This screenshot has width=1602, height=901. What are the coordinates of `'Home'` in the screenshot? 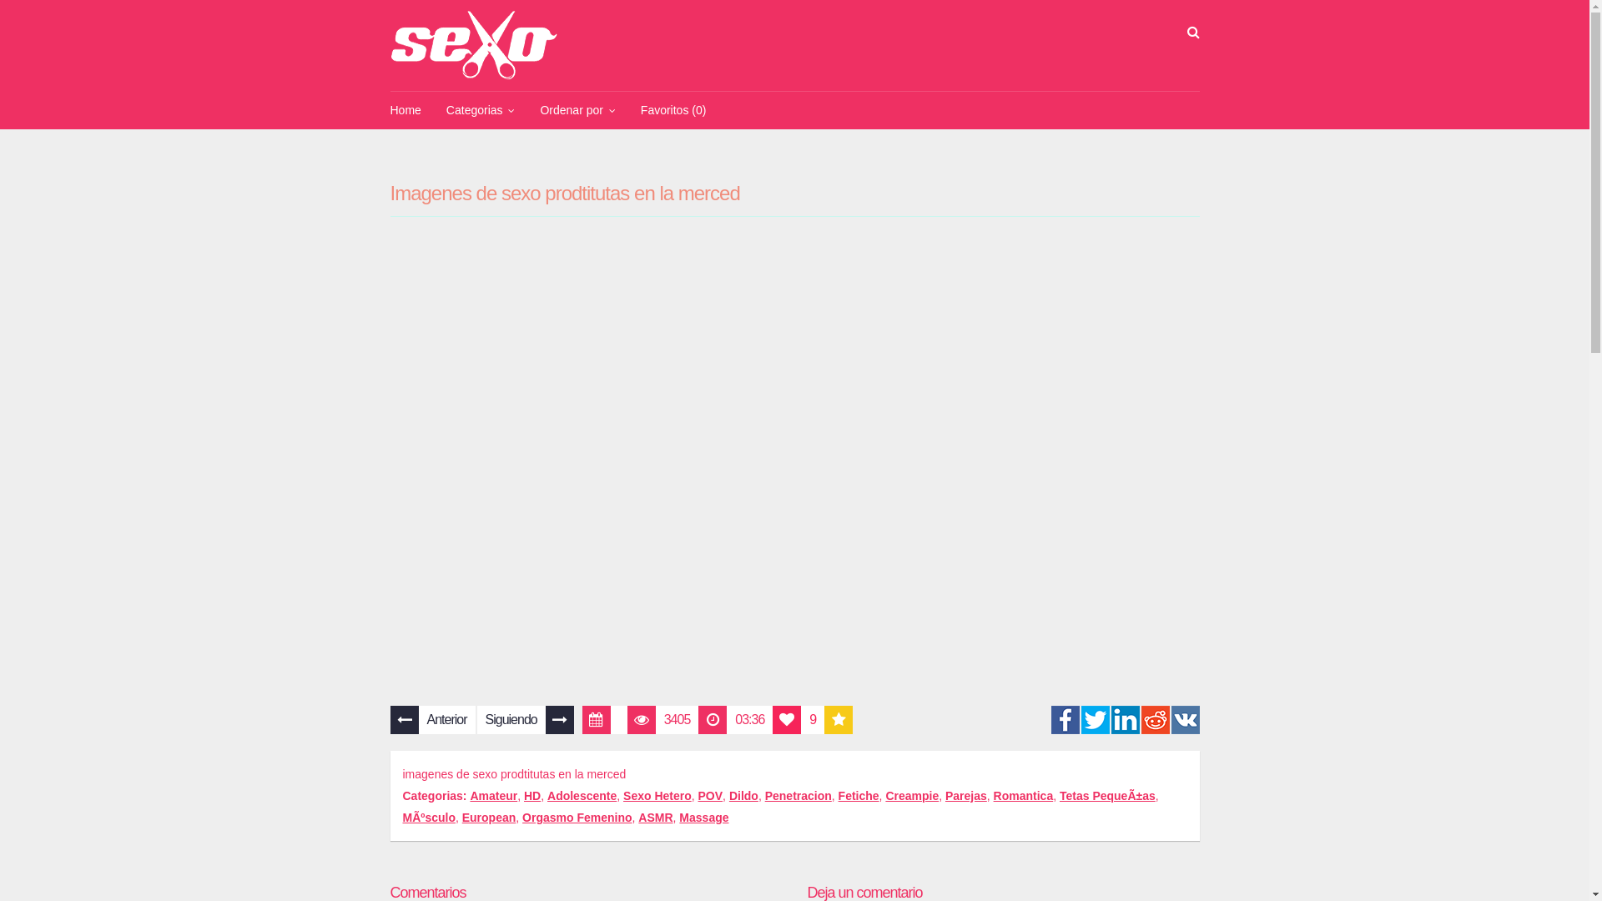 It's located at (405, 110).